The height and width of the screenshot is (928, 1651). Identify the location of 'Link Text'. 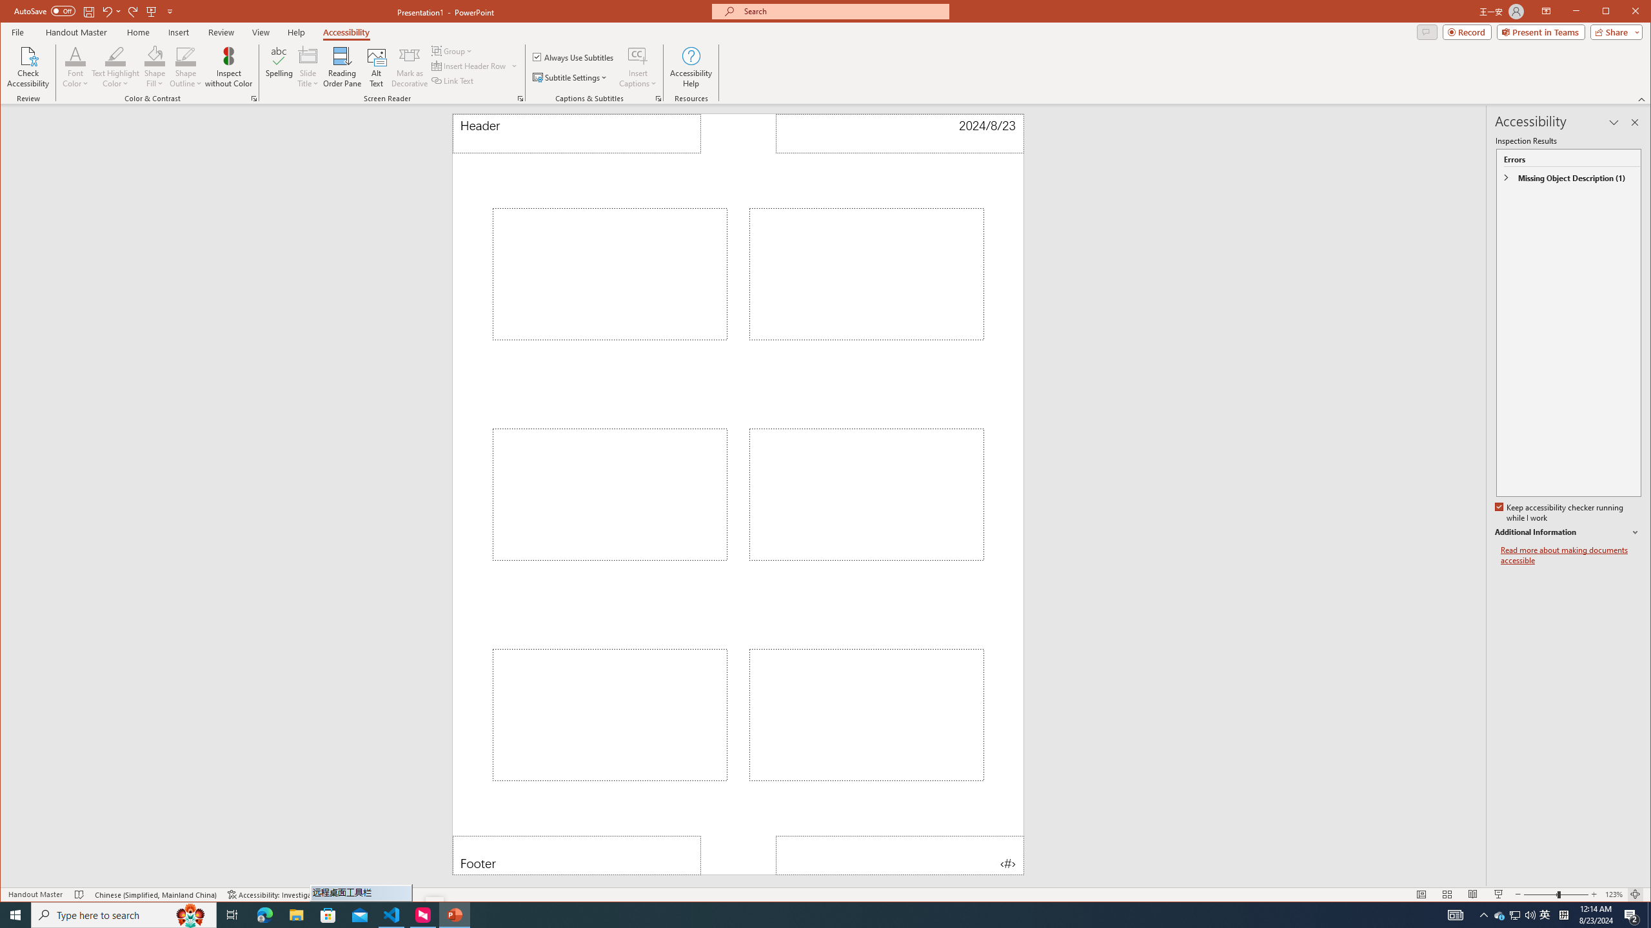
(452, 81).